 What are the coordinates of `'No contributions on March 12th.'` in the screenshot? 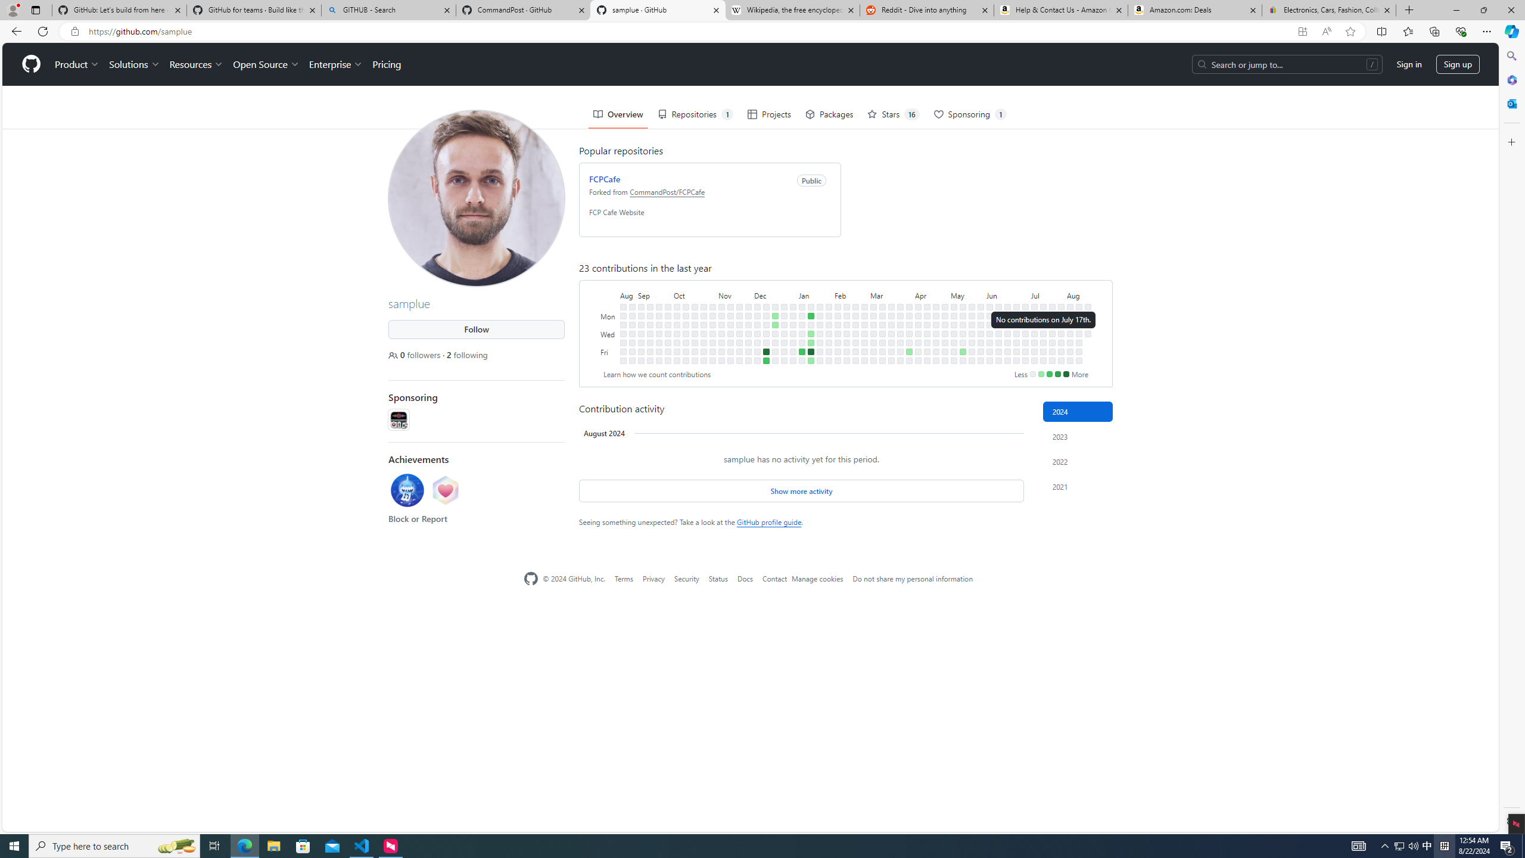 It's located at (882, 324).